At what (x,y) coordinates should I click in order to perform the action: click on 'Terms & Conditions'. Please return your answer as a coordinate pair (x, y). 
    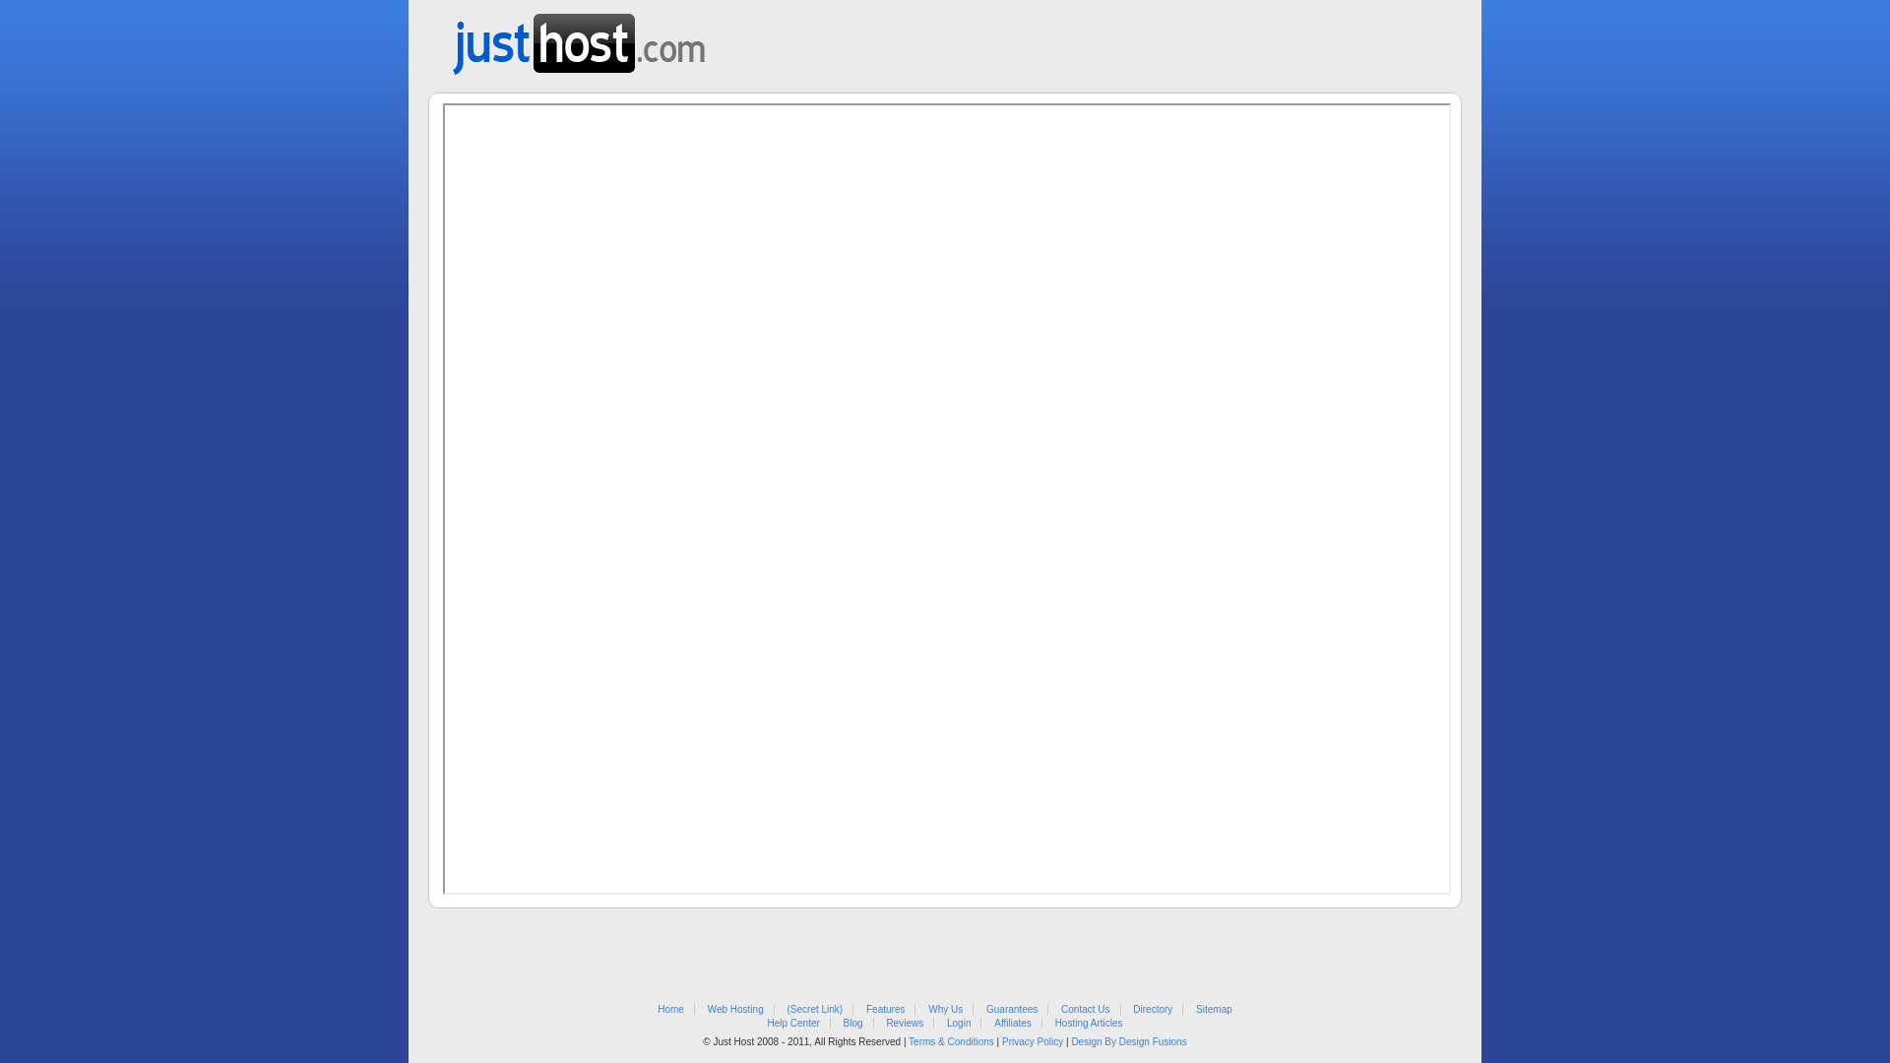
    Looking at the image, I should click on (951, 1040).